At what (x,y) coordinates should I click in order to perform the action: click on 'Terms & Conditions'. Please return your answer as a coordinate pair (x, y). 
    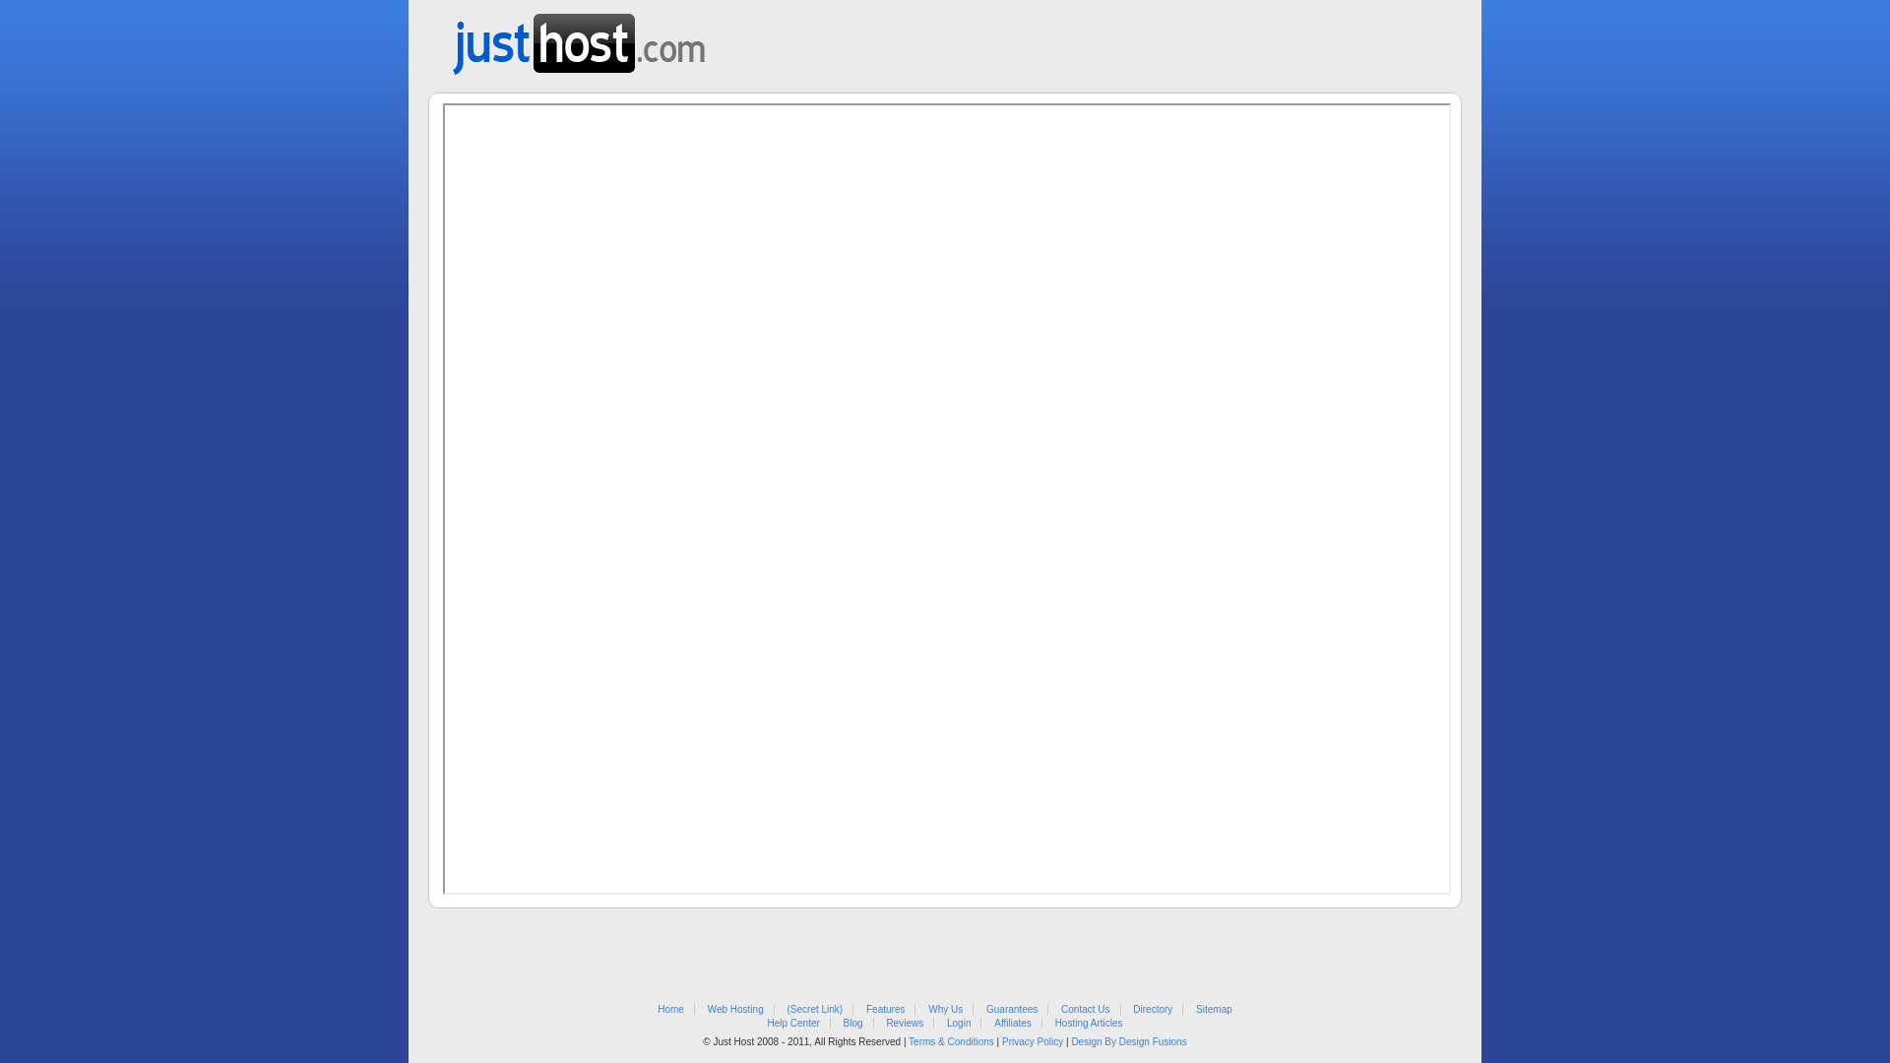
    Looking at the image, I should click on (951, 1040).